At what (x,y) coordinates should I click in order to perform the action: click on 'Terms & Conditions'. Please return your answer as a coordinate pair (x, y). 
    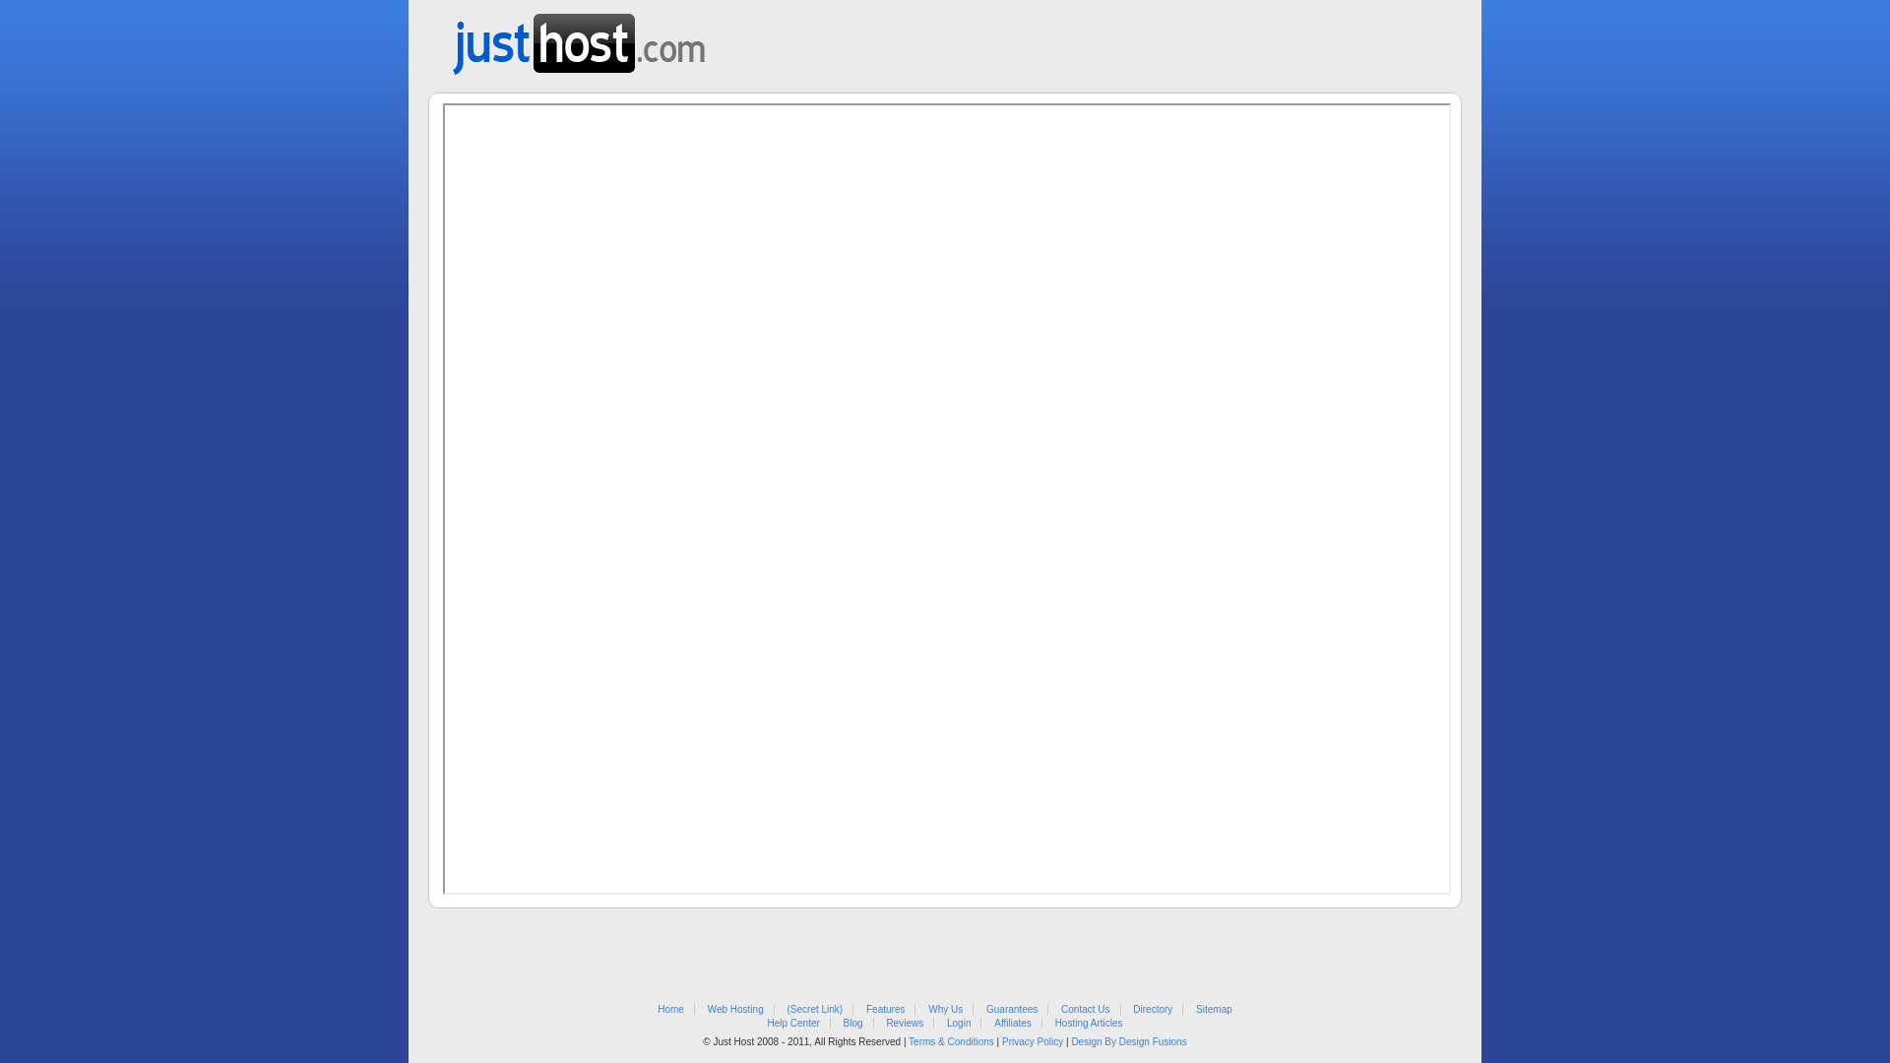
    Looking at the image, I should click on (951, 1040).